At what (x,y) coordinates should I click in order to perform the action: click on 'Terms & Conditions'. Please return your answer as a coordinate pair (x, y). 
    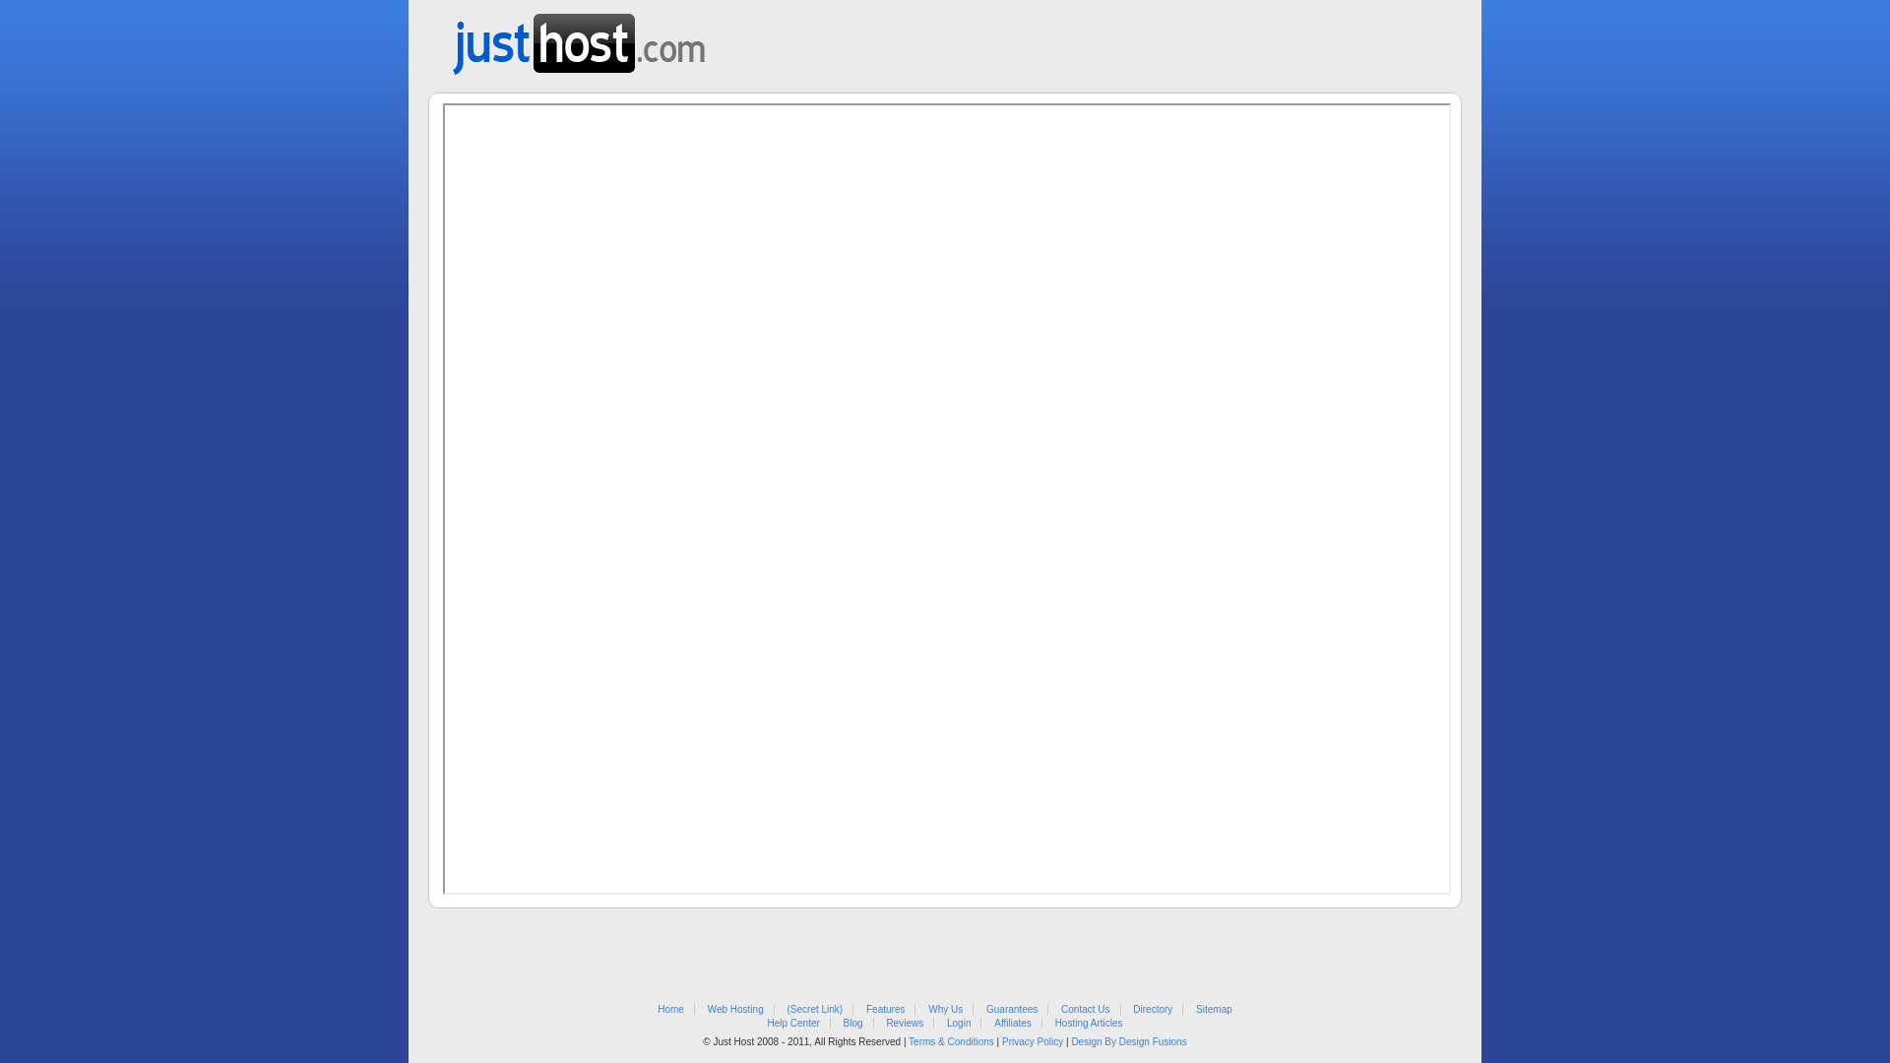
    Looking at the image, I should click on (951, 1040).